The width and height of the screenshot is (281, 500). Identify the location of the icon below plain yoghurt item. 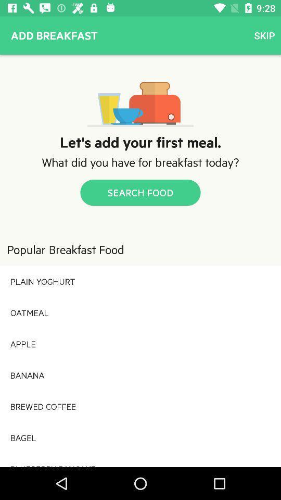
(140, 312).